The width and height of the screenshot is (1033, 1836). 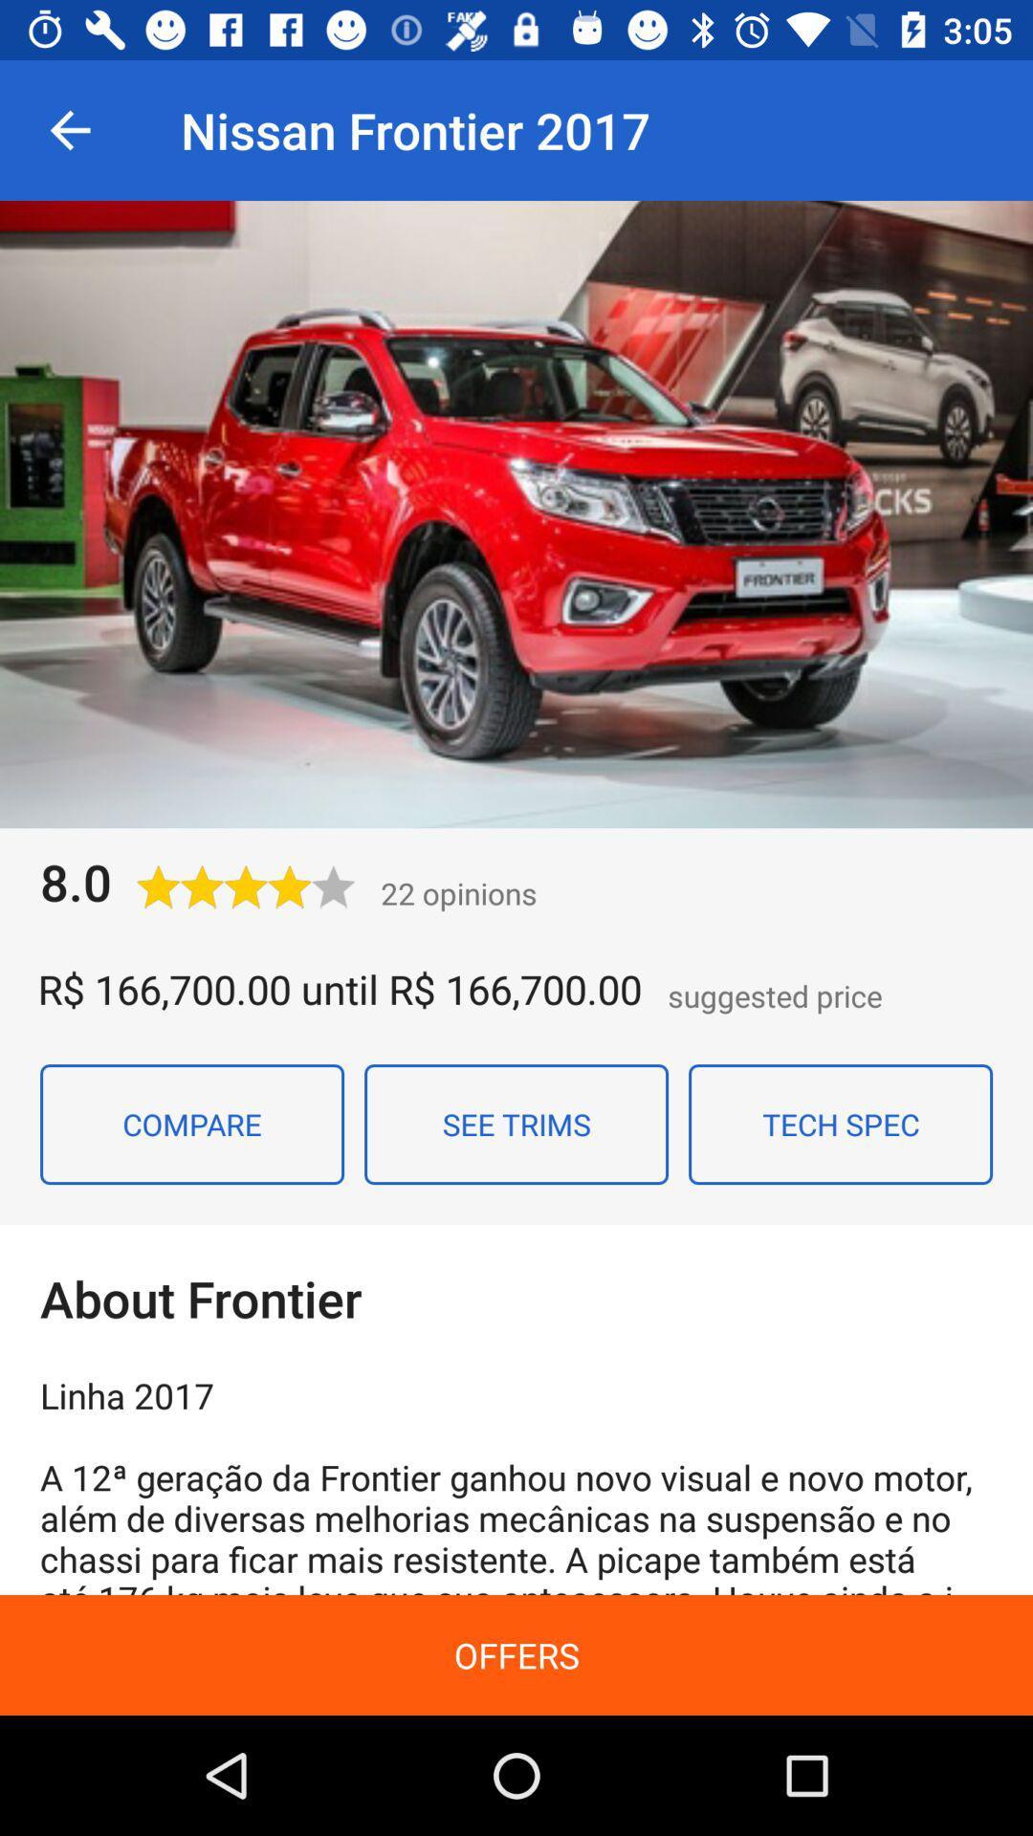 I want to click on the icon below the linha 2017 a icon, so click(x=516, y=1654).